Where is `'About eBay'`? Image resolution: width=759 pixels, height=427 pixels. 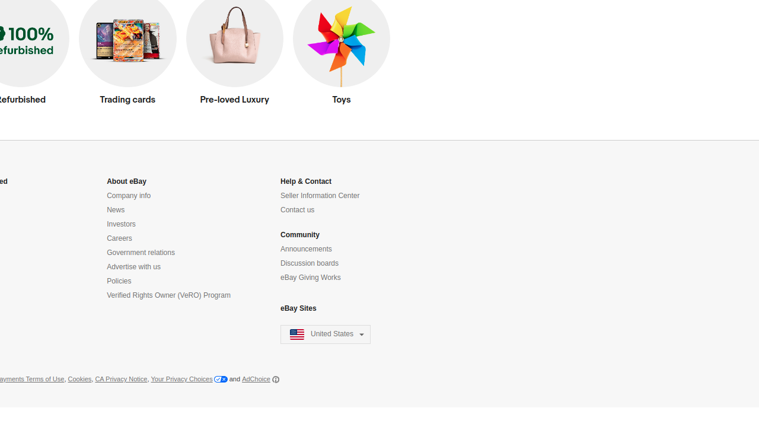 'About eBay' is located at coordinates (126, 181).